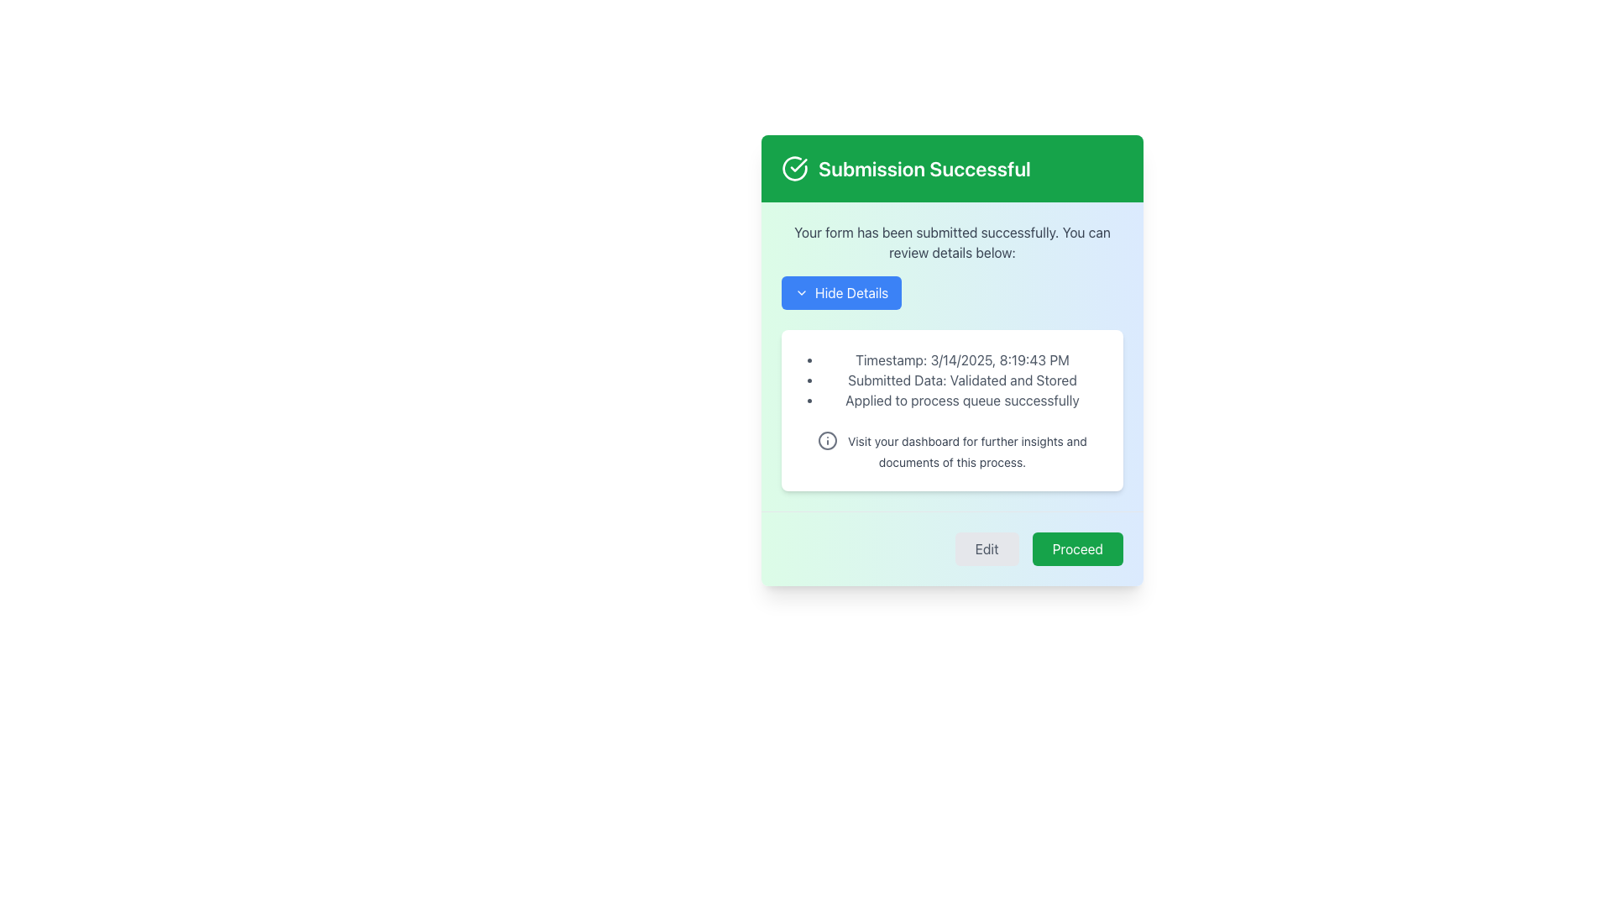  Describe the element at coordinates (841, 291) in the screenshot. I see `the toggle button located beneath the success message 'Your form has been submitted successfully'` at that location.